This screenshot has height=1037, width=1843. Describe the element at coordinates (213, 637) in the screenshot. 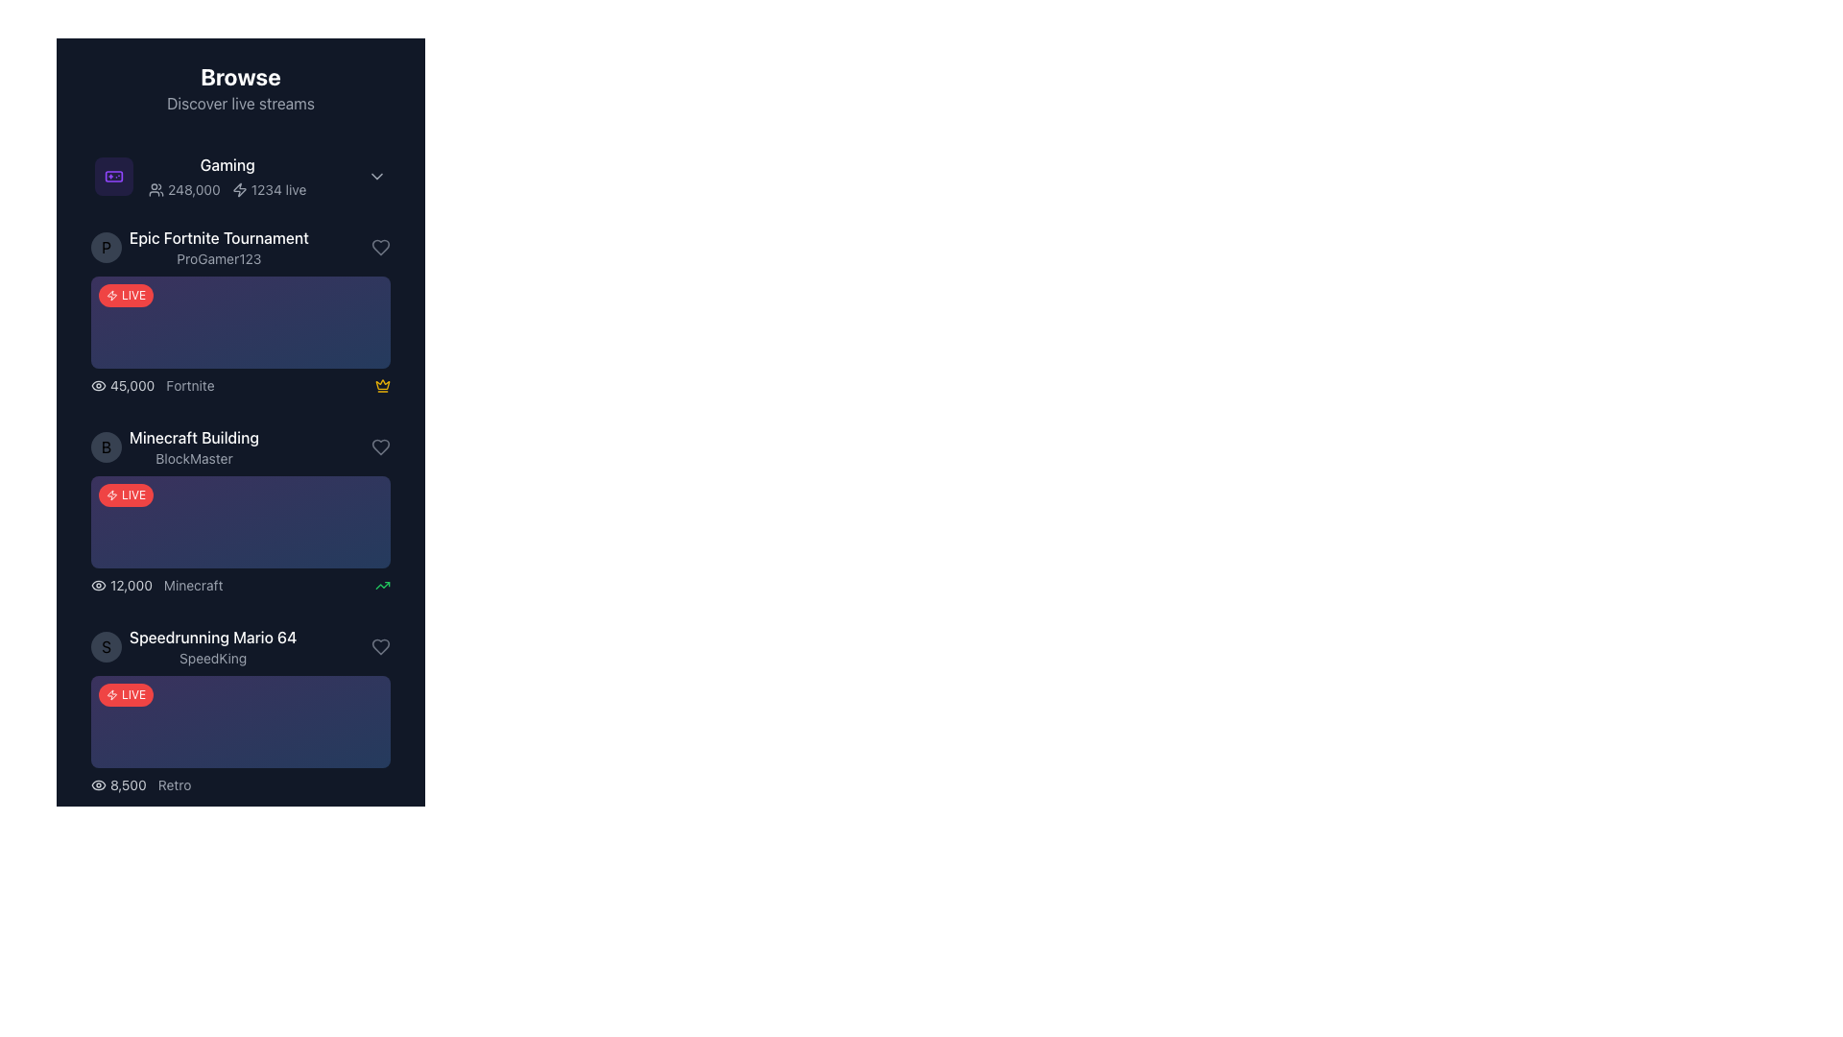

I see `the text label displaying 'Speedrunning Mario 64' styled in white font on a dark background, positioned above 'SpeedKing'` at that location.